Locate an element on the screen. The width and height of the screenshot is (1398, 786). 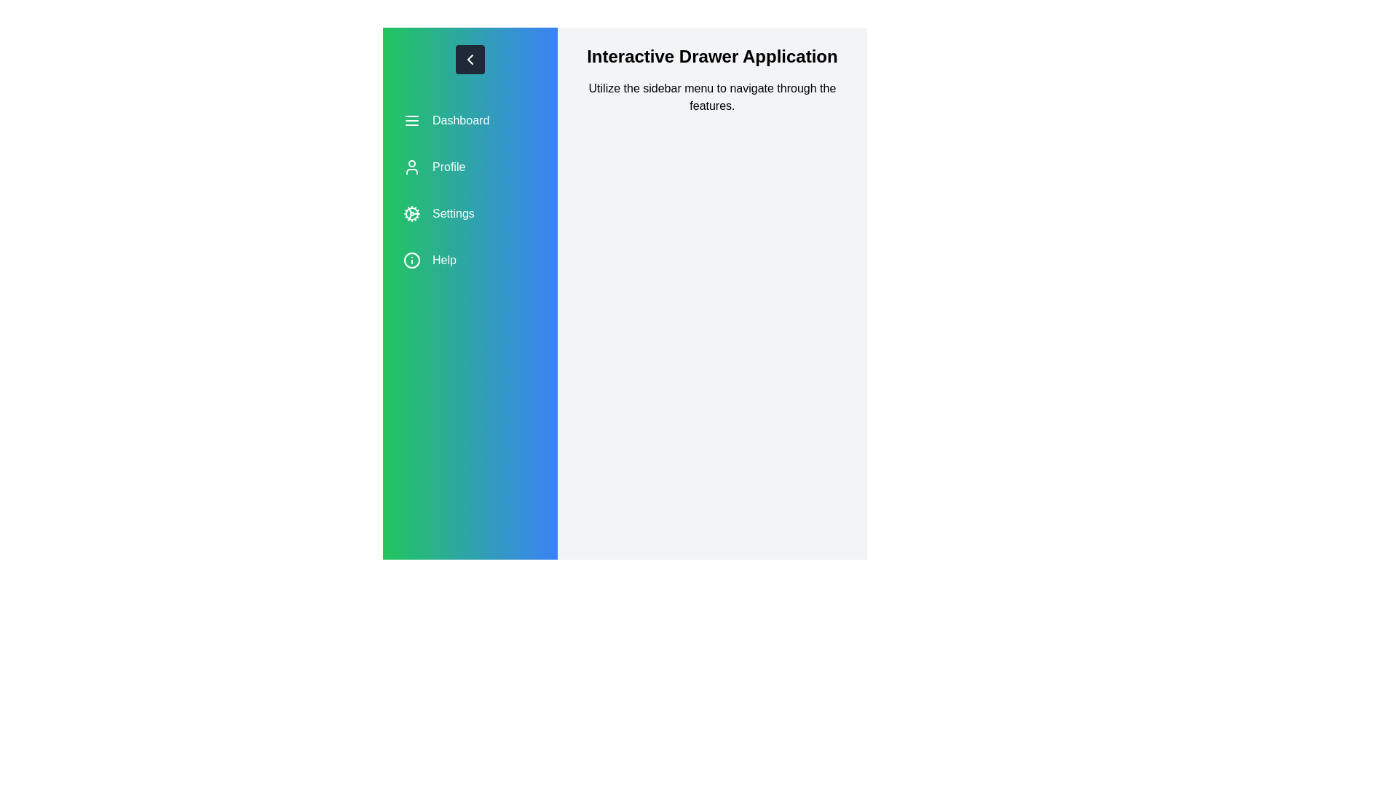
chevron button to toggle the drawer is located at coordinates (470, 58).